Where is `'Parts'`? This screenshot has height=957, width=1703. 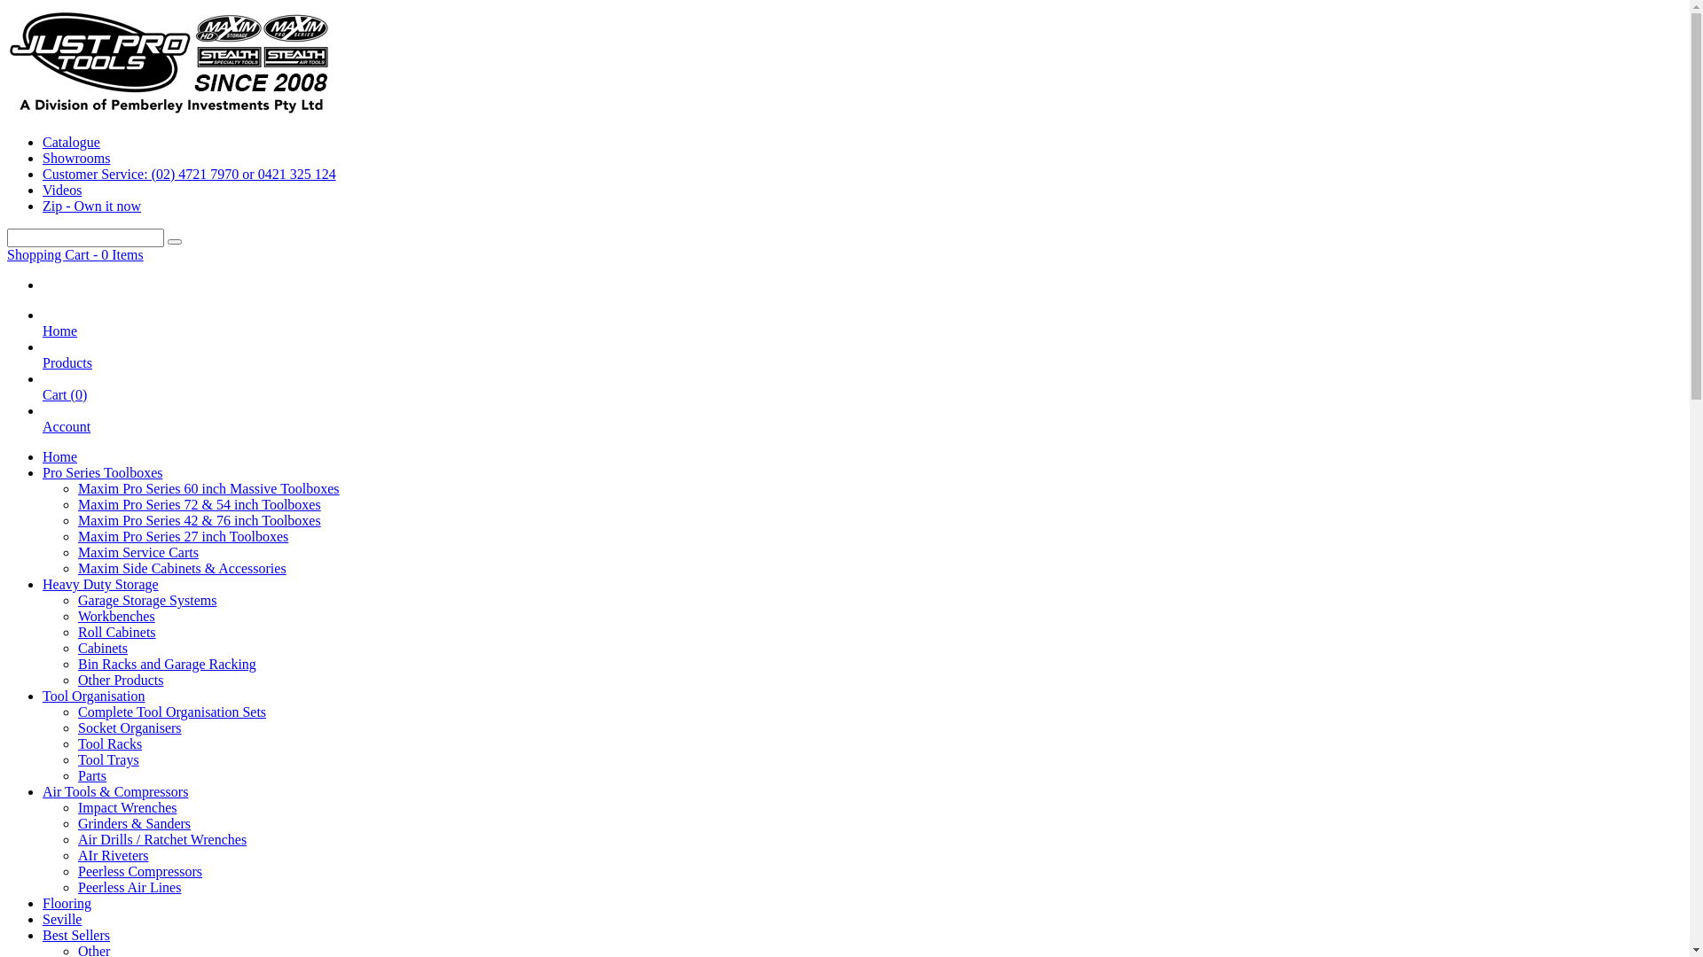
'Parts' is located at coordinates (91, 774).